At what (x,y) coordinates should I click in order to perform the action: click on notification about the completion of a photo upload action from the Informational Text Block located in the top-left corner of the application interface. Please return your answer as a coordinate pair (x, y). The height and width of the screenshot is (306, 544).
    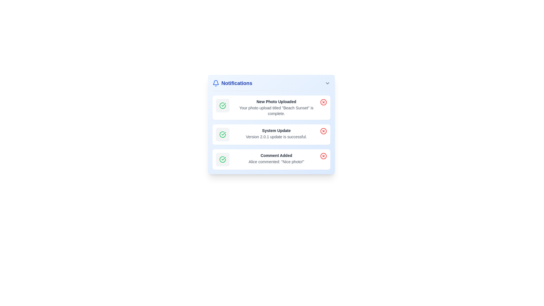
    Looking at the image, I should click on (276, 108).